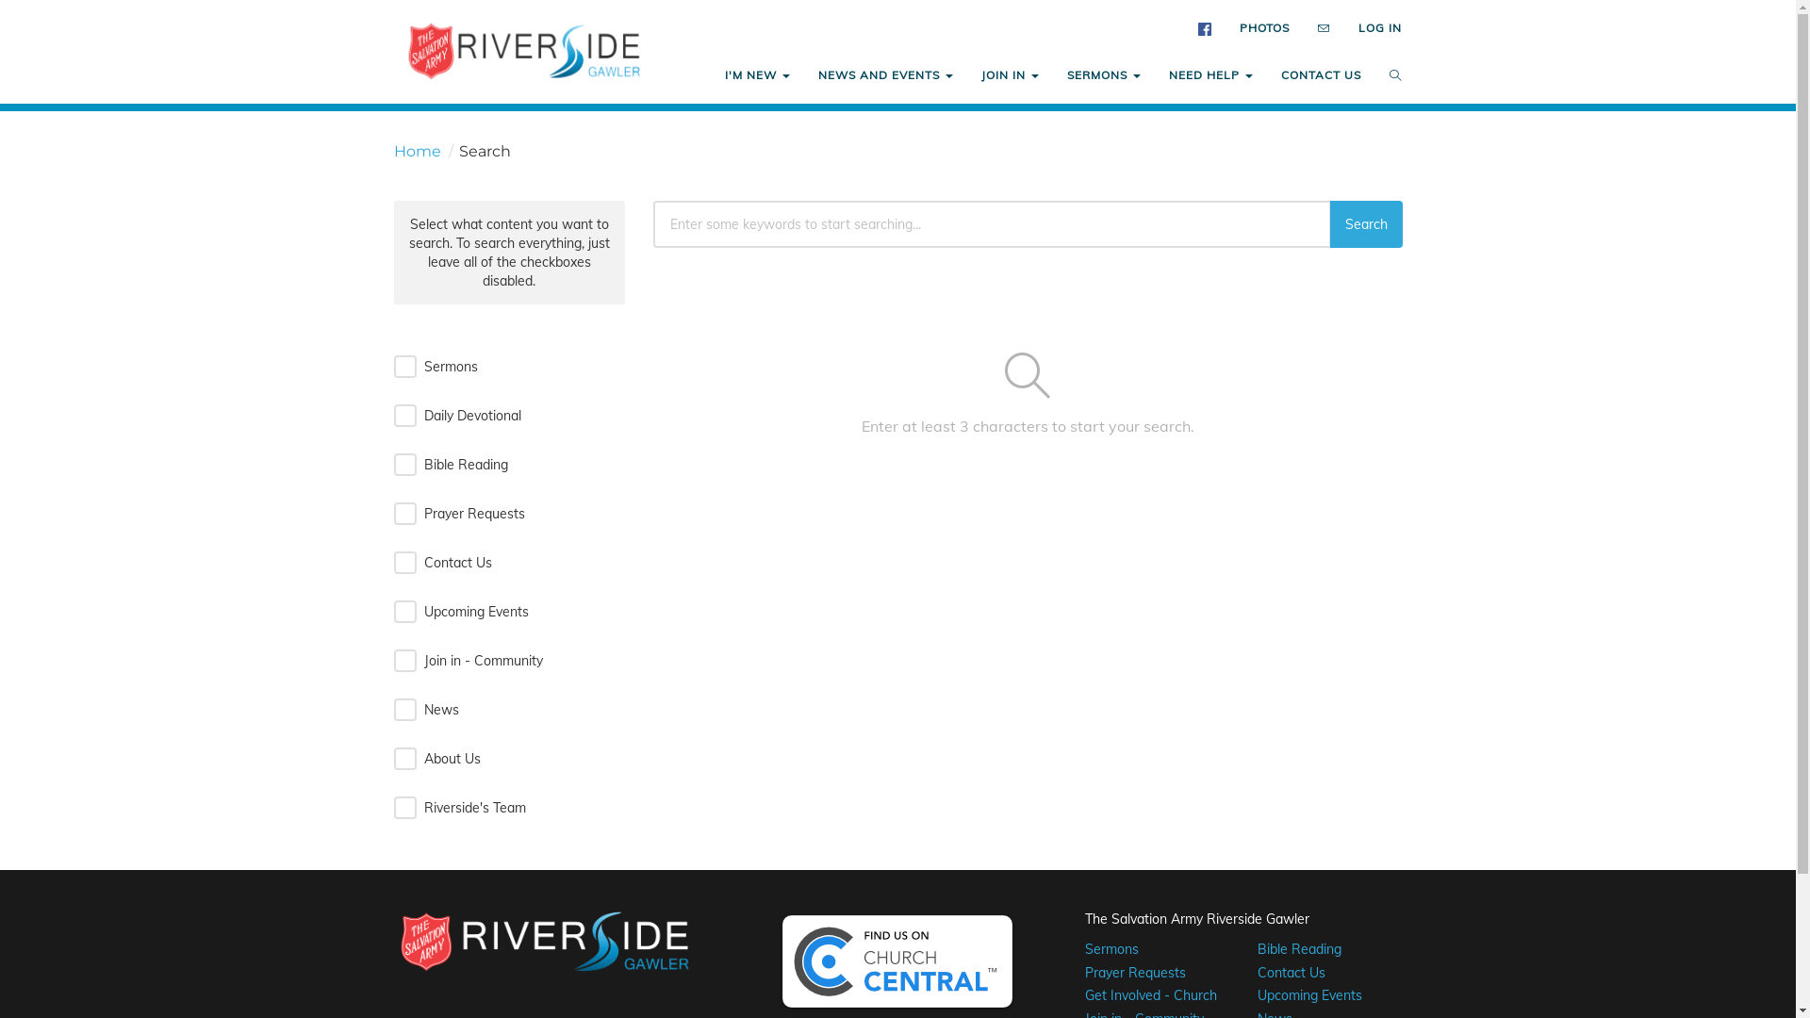 Image resolution: width=1810 pixels, height=1018 pixels. Describe the element at coordinates (1290, 973) in the screenshot. I see `'Contact Us'` at that location.